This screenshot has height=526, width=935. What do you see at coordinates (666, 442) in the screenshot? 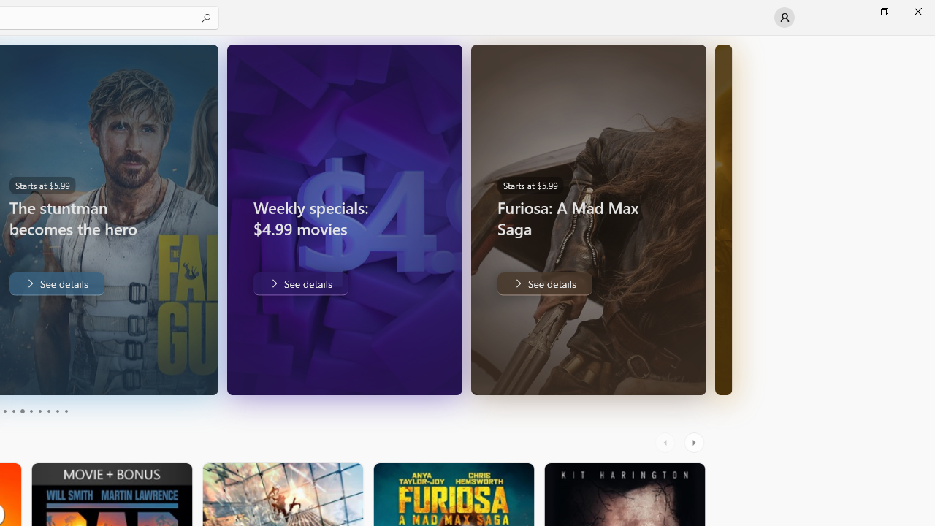
I see `'AutomationID: LeftScrollButton'` at bounding box center [666, 442].